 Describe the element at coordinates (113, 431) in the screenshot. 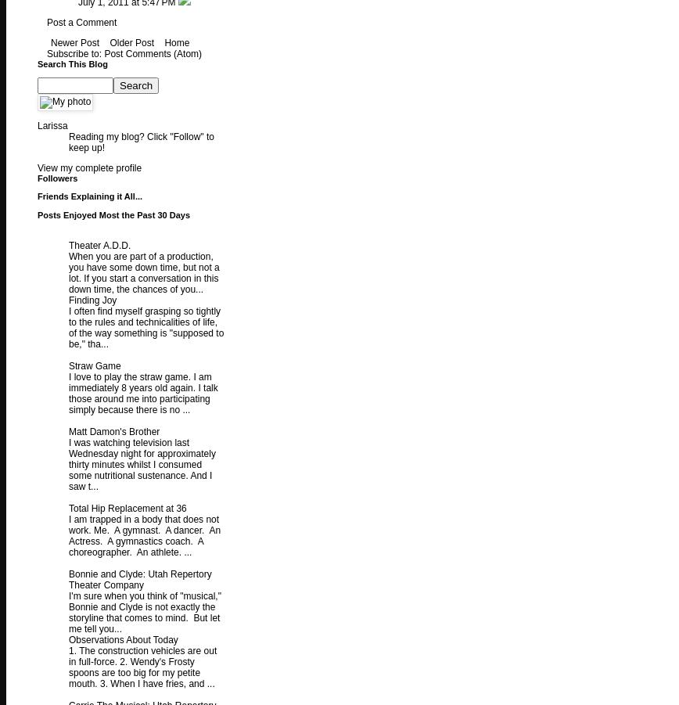

I see `'Matt Damon's Brother'` at that location.